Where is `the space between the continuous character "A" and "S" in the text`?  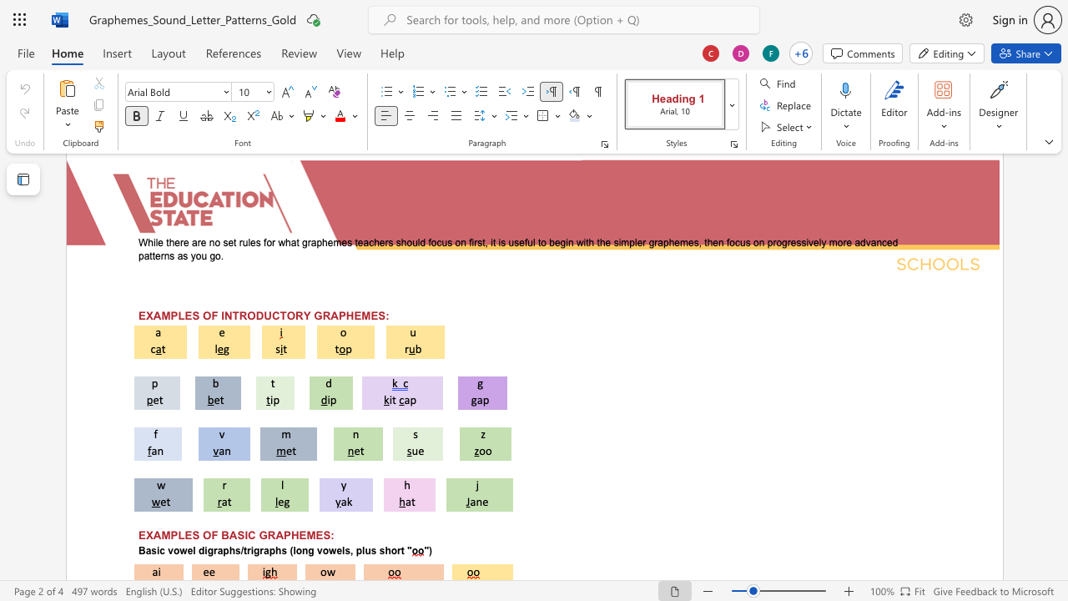
the space between the continuous character "A" and "S" in the text is located at coordinates (236, 535).